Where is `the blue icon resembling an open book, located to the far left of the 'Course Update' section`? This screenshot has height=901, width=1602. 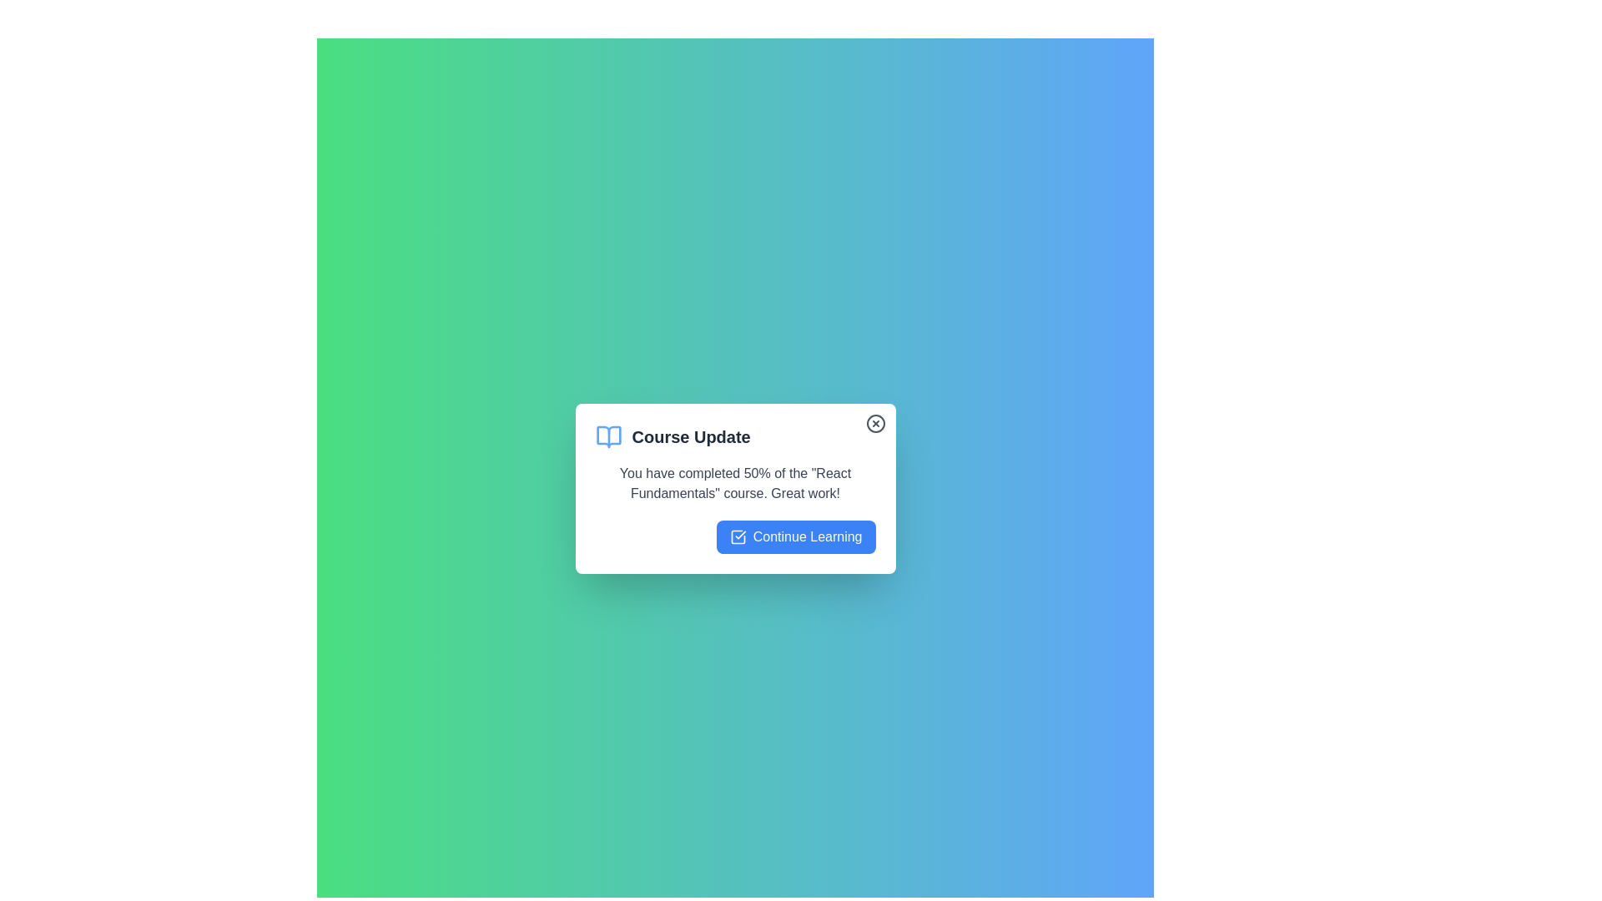 the blue icon resembling an open book, located to the far left of the 'Course Update' section is located at coordinates (607, 436).